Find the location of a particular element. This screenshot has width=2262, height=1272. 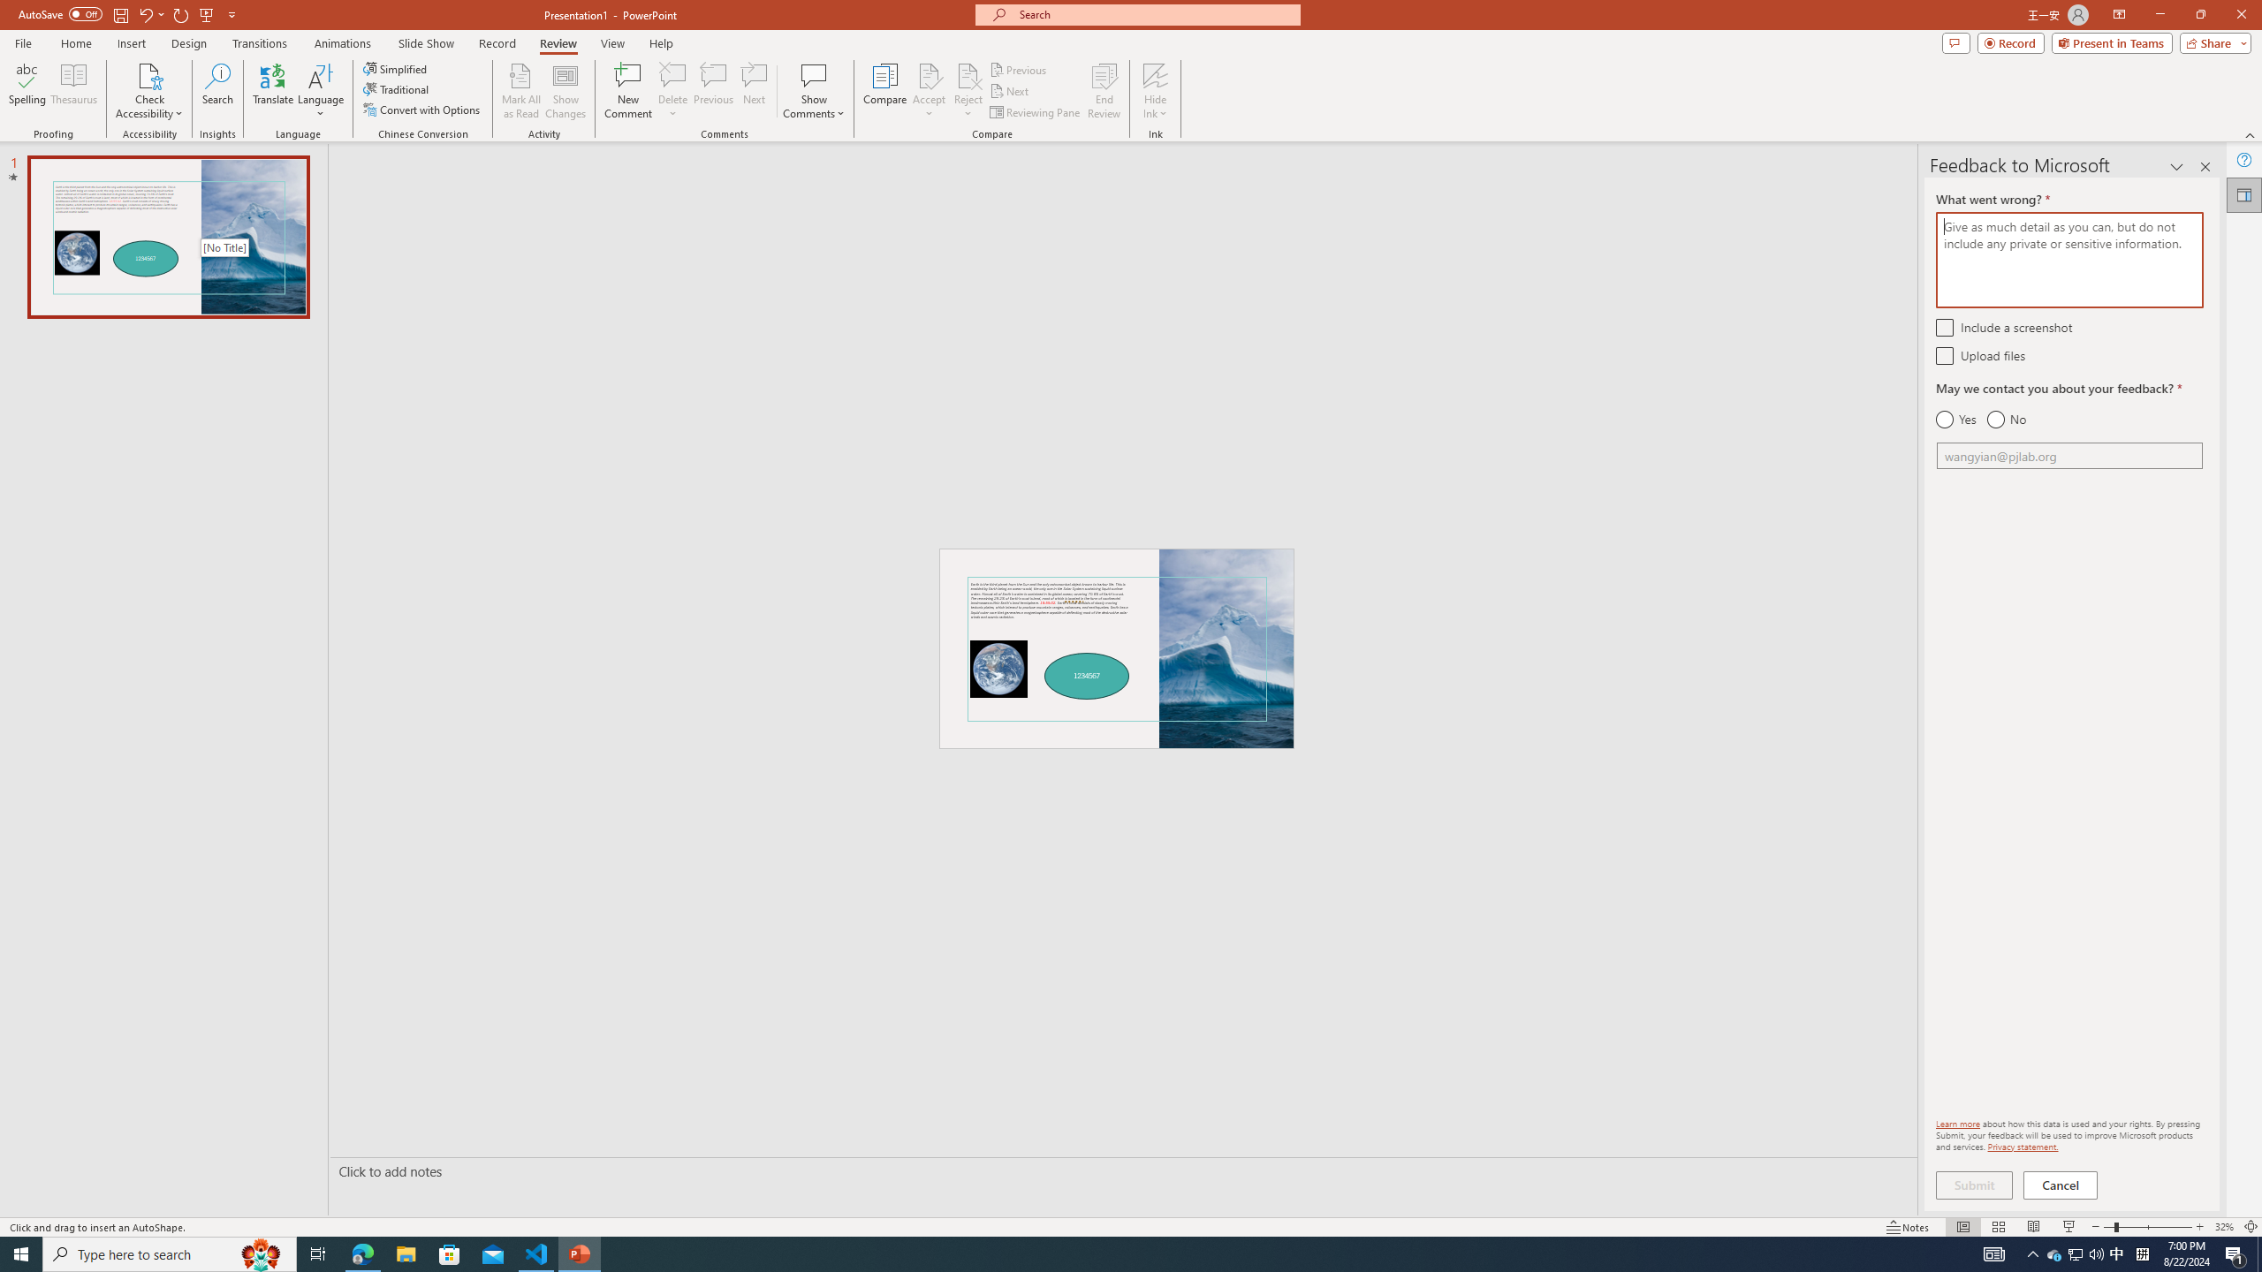

'Show Comments' is located at coordinates (814, 91).